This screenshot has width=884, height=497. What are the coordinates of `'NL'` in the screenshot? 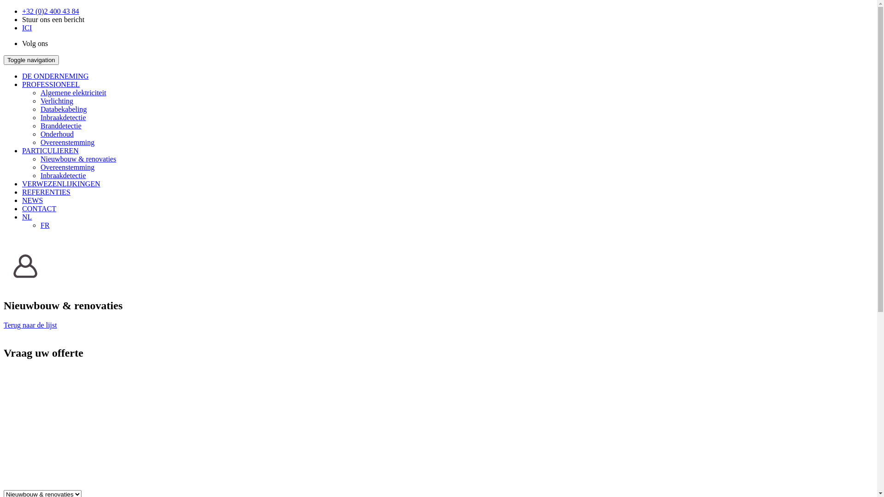 It's located at (27, 217).